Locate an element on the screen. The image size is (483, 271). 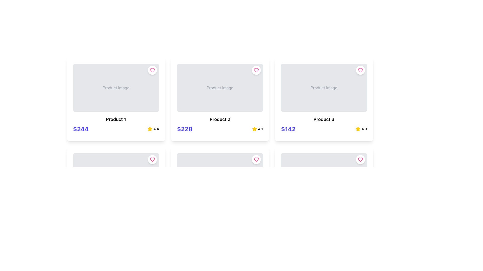
the circular button with a heart-shaped icon and white background located in the top-right corner of the 'Product Image' section is located at coordinates (256, 160).